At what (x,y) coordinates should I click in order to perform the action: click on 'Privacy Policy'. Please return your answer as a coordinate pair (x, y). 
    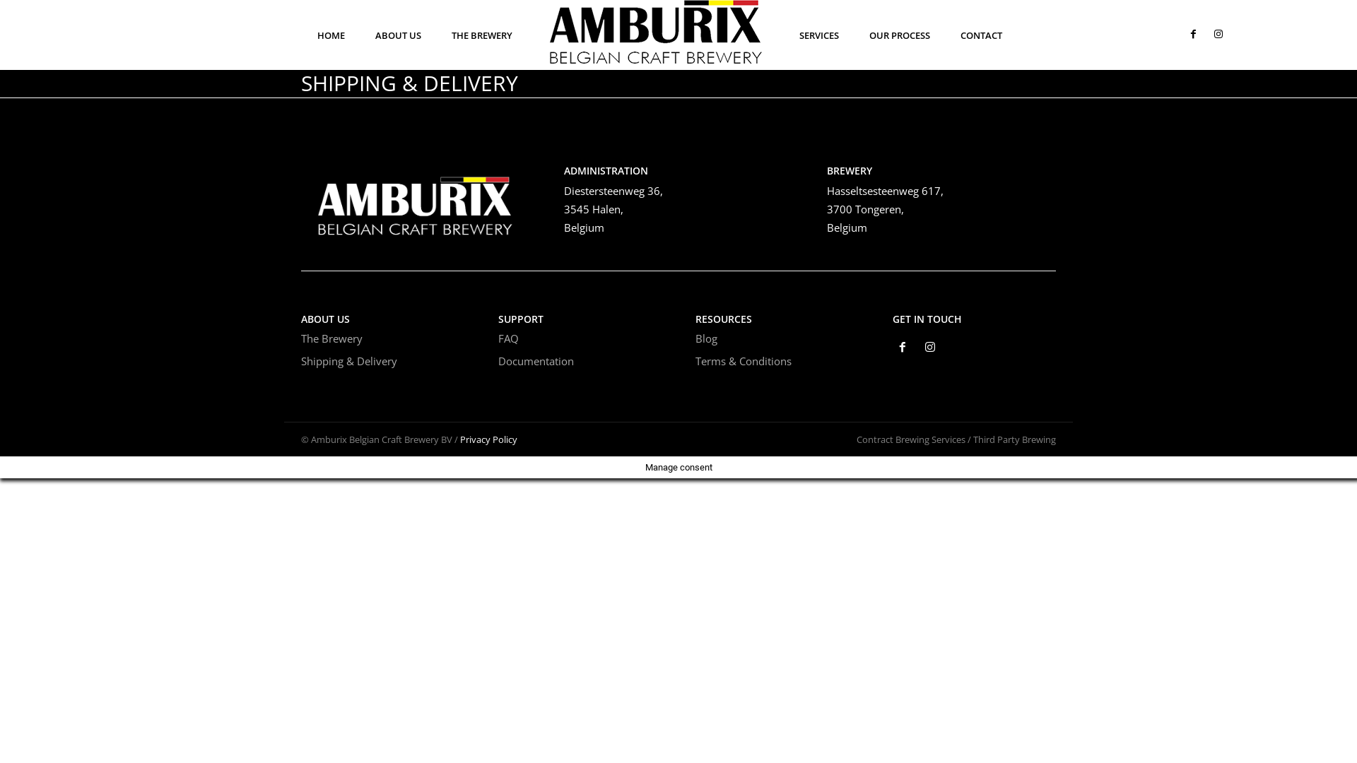
    Looking at the image, I should click on (460, 438).